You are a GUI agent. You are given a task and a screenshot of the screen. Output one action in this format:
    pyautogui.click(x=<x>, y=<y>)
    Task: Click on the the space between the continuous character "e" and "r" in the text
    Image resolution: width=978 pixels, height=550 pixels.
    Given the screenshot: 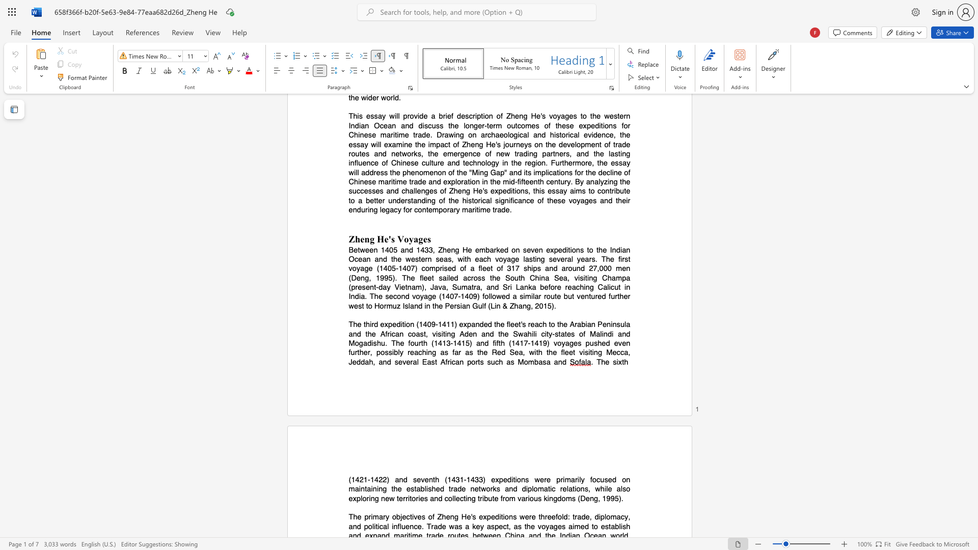 What is the action you would take?
    pyautogui.click(x=410, y=361)
    